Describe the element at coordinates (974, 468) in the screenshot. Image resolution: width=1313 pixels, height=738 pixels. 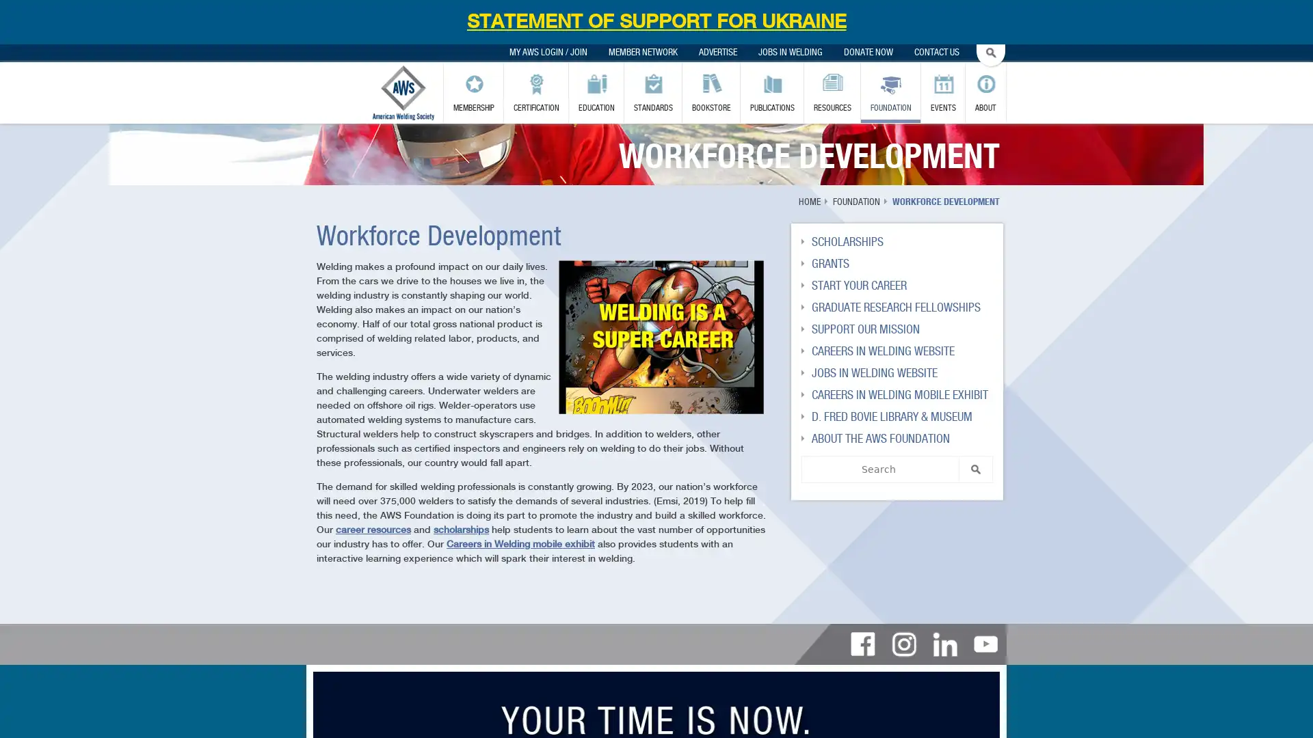
I see `SEARCH` at that location.